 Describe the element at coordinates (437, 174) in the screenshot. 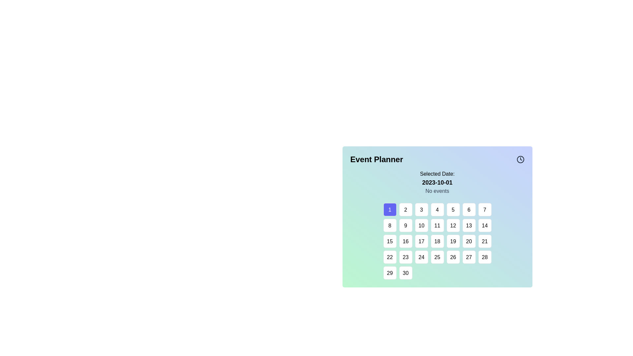

I see `the static text label 'Selected Date:' which is styled in bold and positioned at the top center of the calendar interface` at that location.